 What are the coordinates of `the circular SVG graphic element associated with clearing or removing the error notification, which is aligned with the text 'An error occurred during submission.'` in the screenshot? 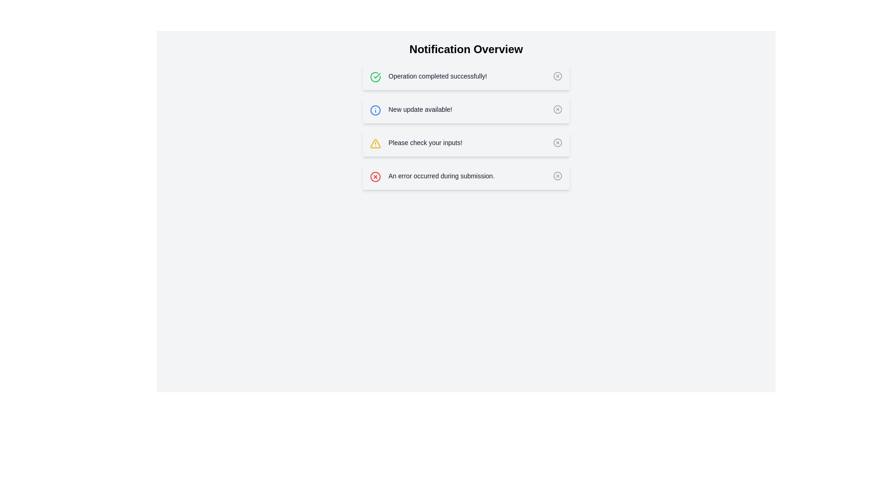 It's located at (557, 176).